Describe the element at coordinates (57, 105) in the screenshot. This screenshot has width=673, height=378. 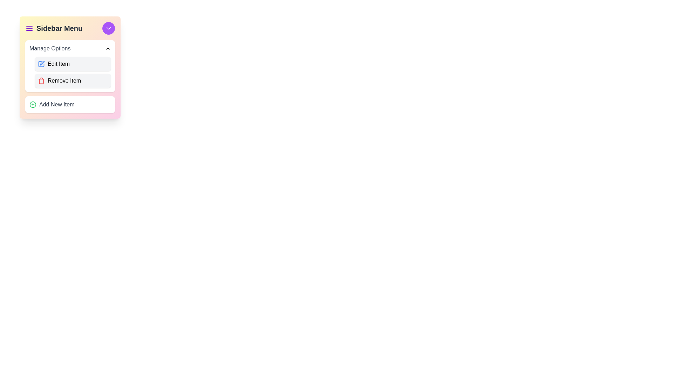
I see `contents of the text label that displays 'Add New Item', which is styled in a medium-weight font and gray color, located next to a green plus-circle icon in the sidebar menu` at that location.